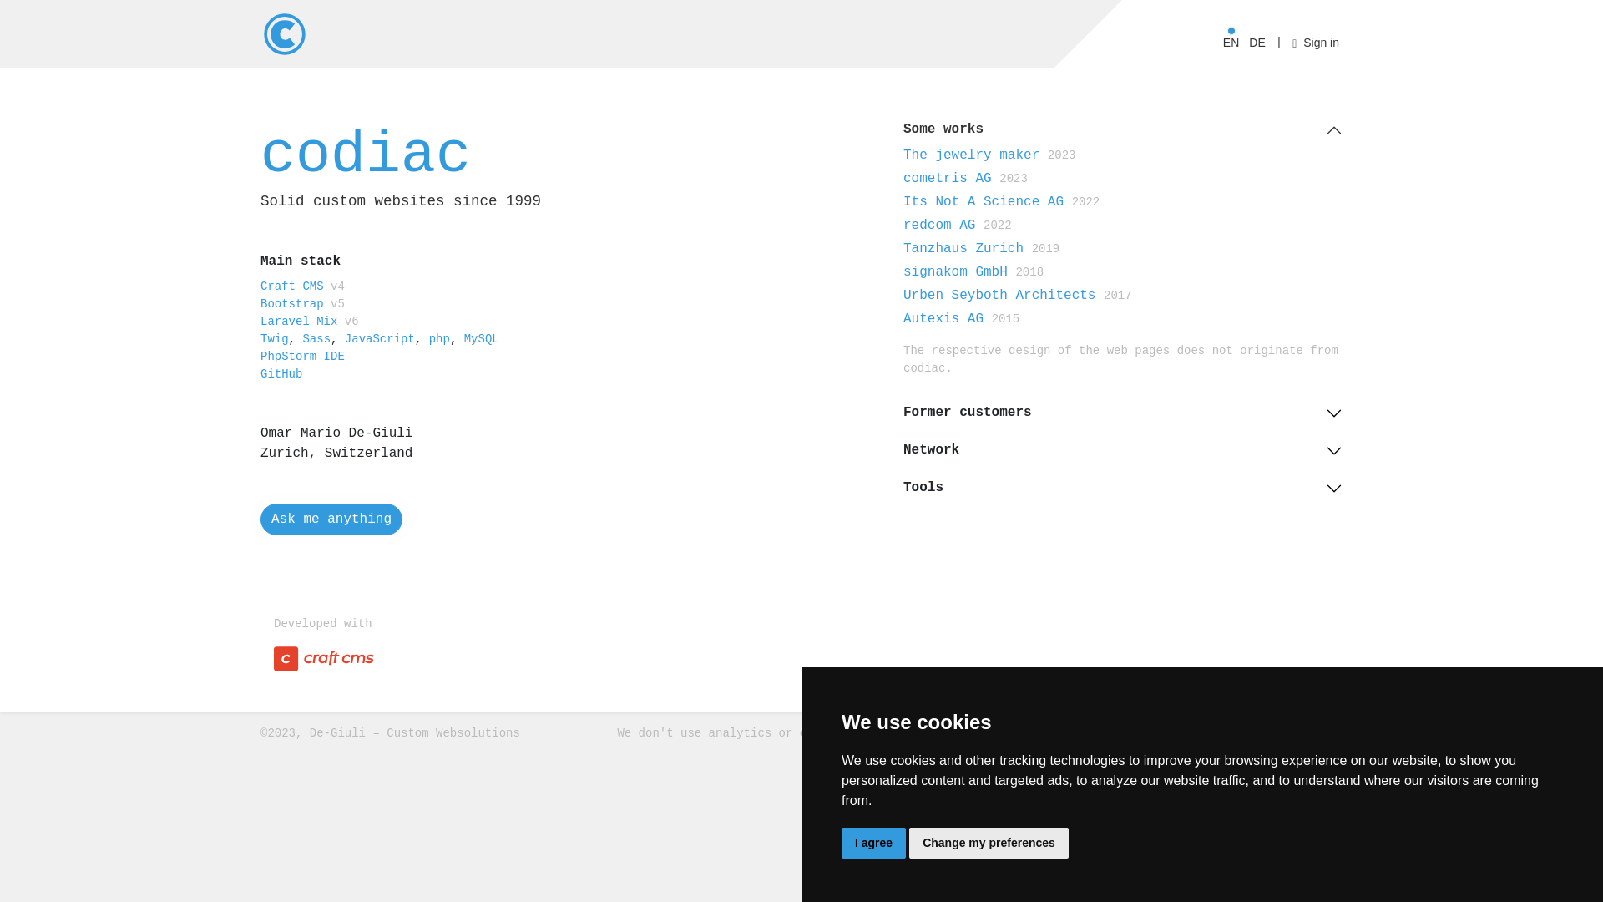 Image resolution: width=1603 pixels, height=902 pixels. I want to click on 'The jewelry maker', so click(971, 155).